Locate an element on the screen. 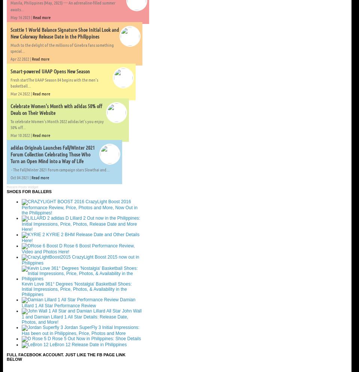 Image resolution: width=359 pixels, height=372 pixels. 'Apr 22 2022 |' is located at coordinates (10, 58).